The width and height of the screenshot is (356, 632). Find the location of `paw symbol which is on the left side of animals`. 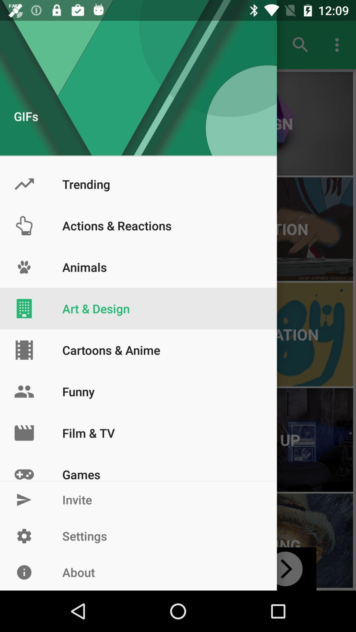

paw symbol which is on the left side of animals is located at coordinates (24, 267).